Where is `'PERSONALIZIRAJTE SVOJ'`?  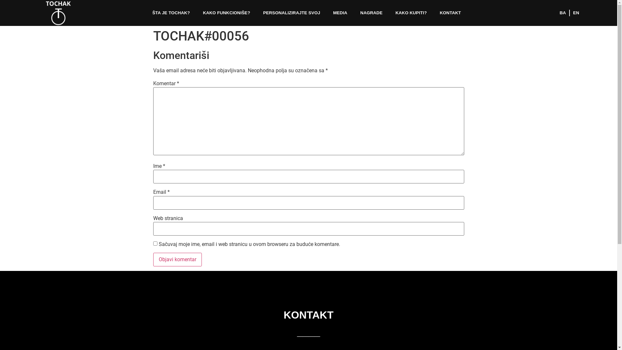 'PERSONALIZIRAJTE SVOJ' is located at coordinates (291, 13).